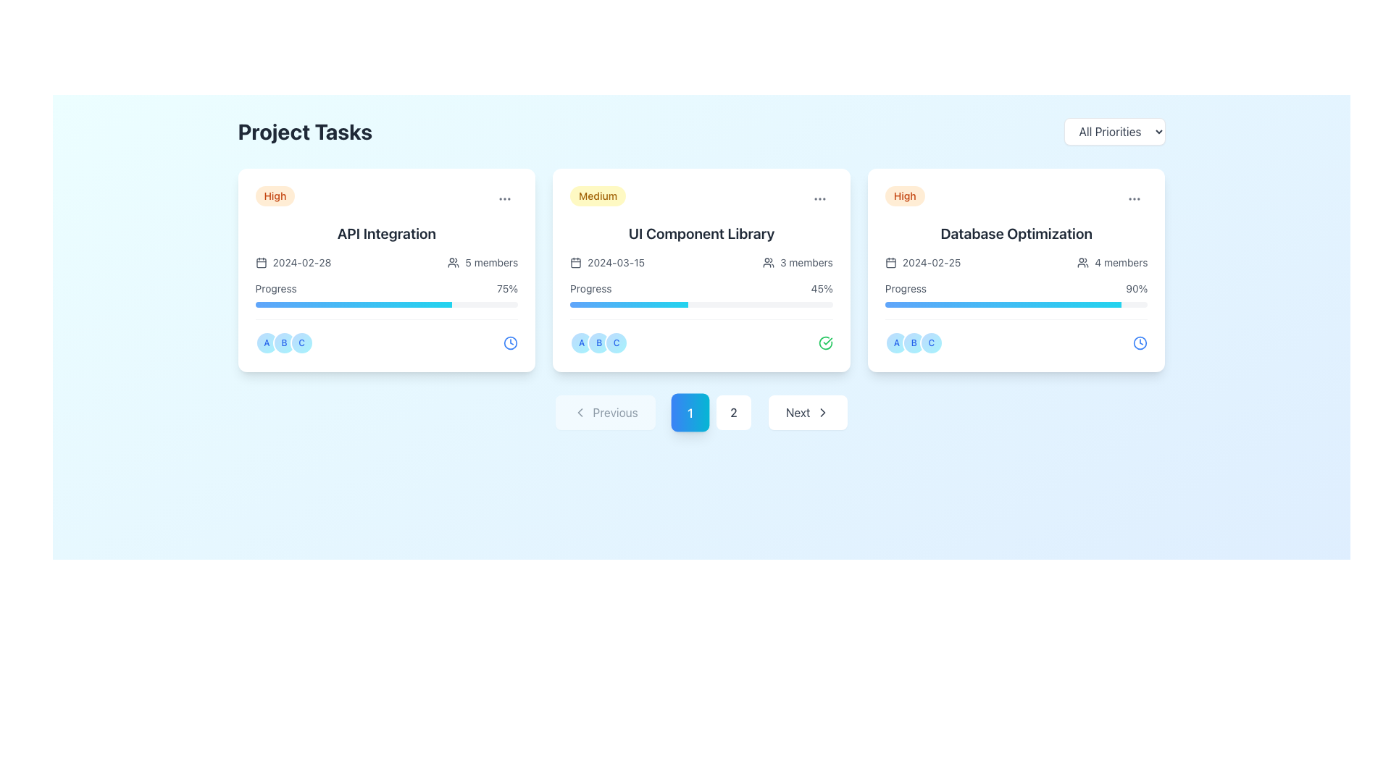 The height and width of the screenshot is (782, 1391). What do you see at coordinates (1114, 131) in the screenshot?
I see `the filter dropdown menu located at the top-right corner of the layout, aligned with the title 'Project Tasks'` at bounding box center [1114, 131].